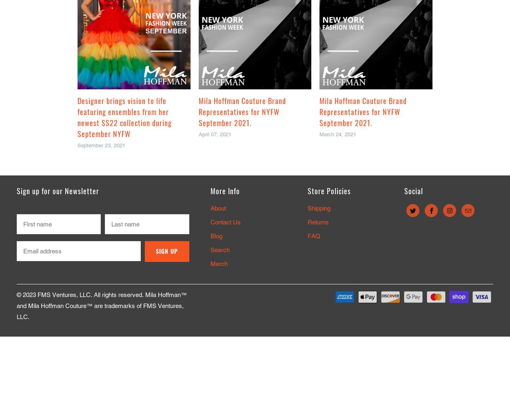 The width and height of the screenshot is (510, 408). I want to click on 'Search', so click(220, 249).